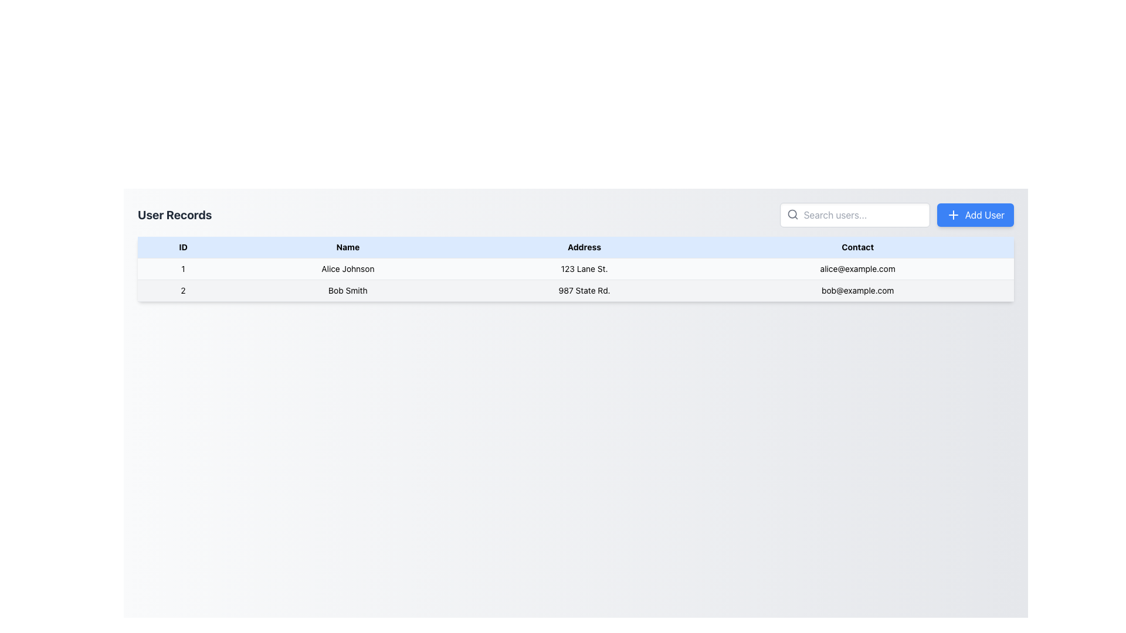  I want to click on the text item representing the identifier or serial number in the second row of the table under the 'ID' column, so click(182, 290).